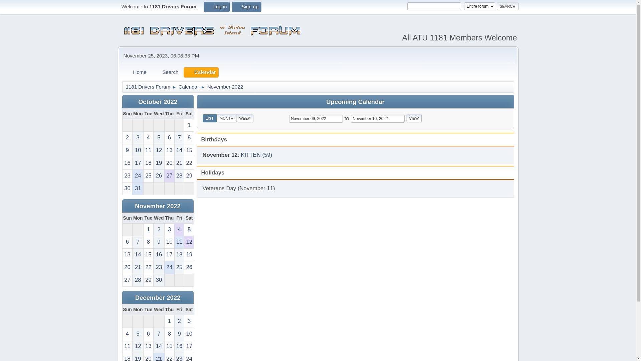  What do you see at coordinates (153, 150) in the screenshot?
I see `'12'` at bounding box center [153, 150].